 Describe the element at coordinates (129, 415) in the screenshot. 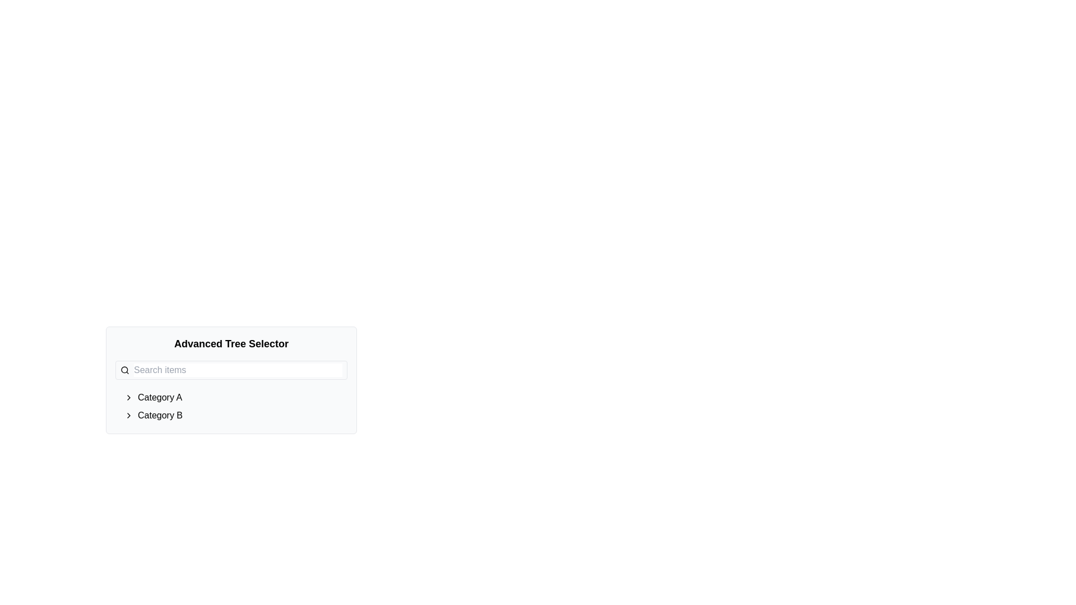

I see `the Chevron icon that serves as a toggle for expanding the 'Category B' section` at that location.